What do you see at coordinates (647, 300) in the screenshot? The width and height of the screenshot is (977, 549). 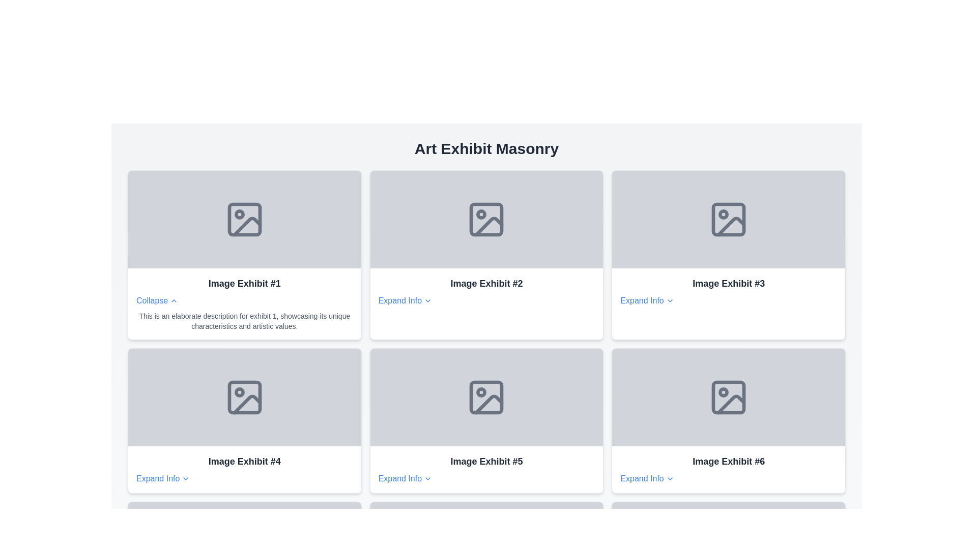 I see `the interactive label with icon located below the 'Image Exhibit #3' label` at bounding box center [647, 300].